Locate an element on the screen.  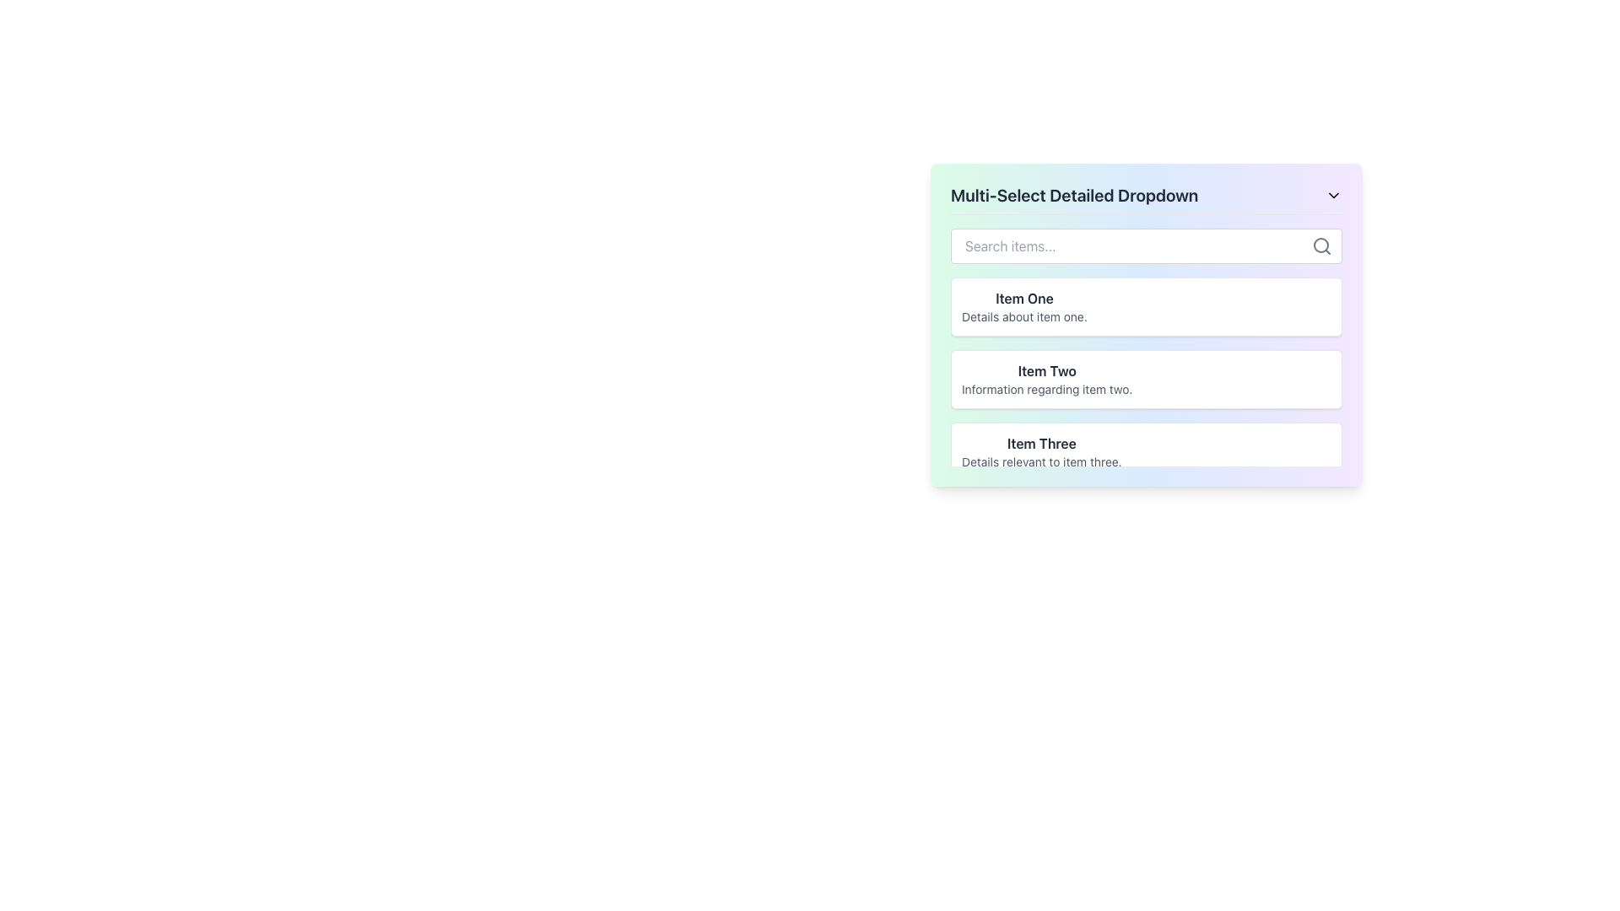
the search icon located at the right edge of the search input field labeled 'Search items...' is located at coordinates (1320, 246).